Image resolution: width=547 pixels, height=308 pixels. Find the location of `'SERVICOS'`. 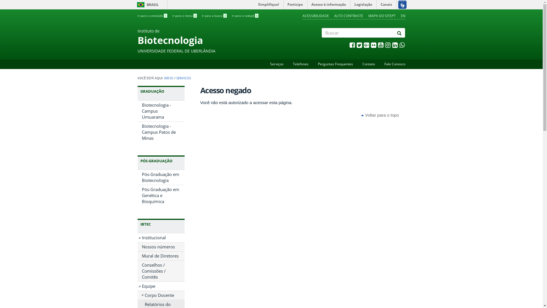

'SERVICOS' is located at coordinates (183, 78).